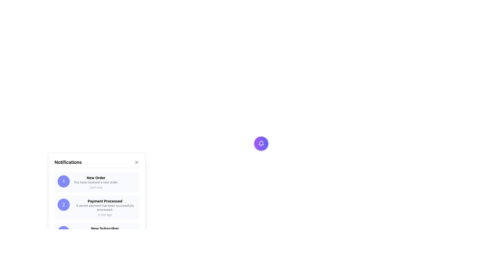  Describe the element at coordinates (63, 181) in the screenshot. I see `the numeral displayed in the Circular Badge Icon located before the 'New Order' text in the first row of the notifications list` at that location.